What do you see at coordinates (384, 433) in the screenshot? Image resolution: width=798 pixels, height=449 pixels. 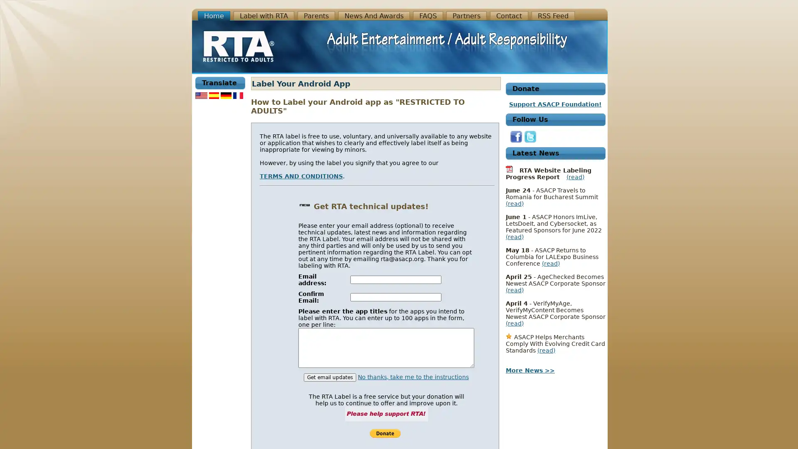 I see `Support RTA!` at bounding box center [384, 433].